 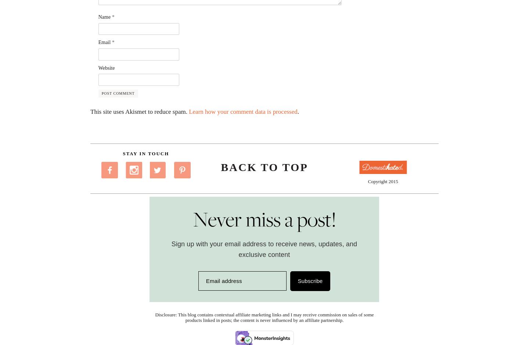 I want to click on 'Copyright 2015', so click(x=382, y=181).